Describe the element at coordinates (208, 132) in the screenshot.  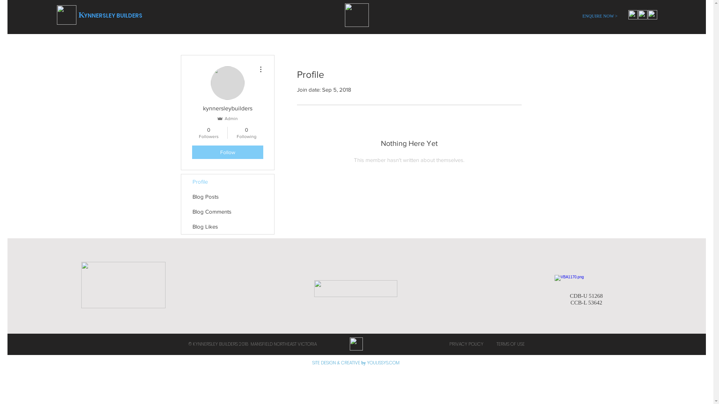
I see `'0` at that location.